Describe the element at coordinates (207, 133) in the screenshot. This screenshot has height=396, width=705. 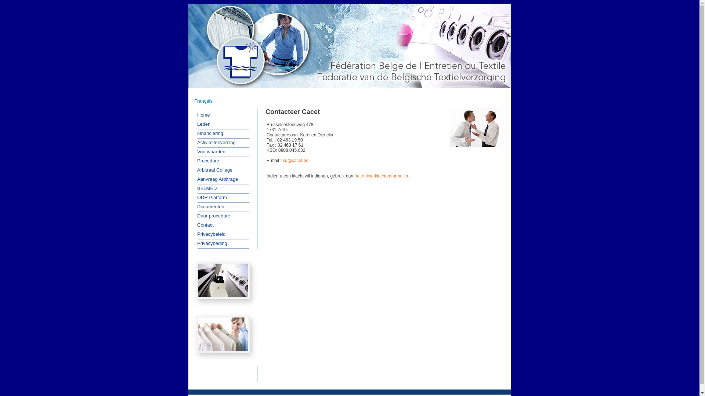
I see `'Financiering'` at that location.